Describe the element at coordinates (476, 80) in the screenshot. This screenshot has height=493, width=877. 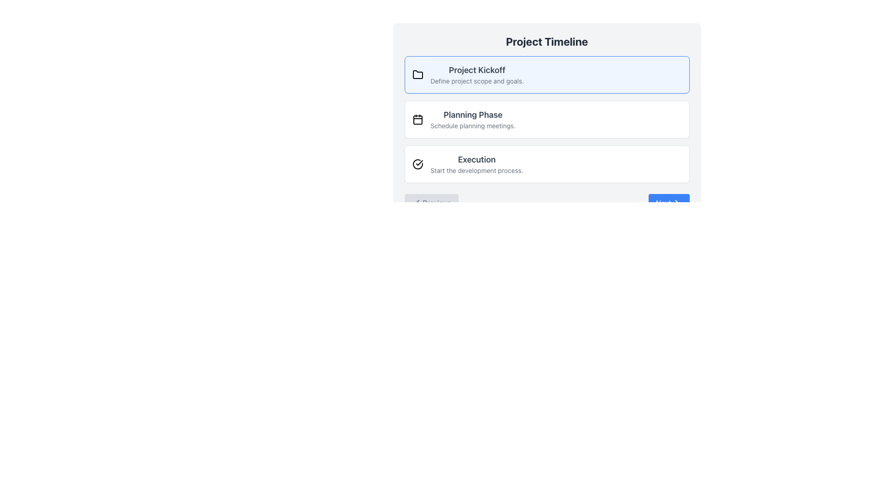
I see `the text label that reads 'Define project scope and goals.' located directly below the 'Project Kickoff' heading in the first section of the 'Project Timeline' interface` at that location.